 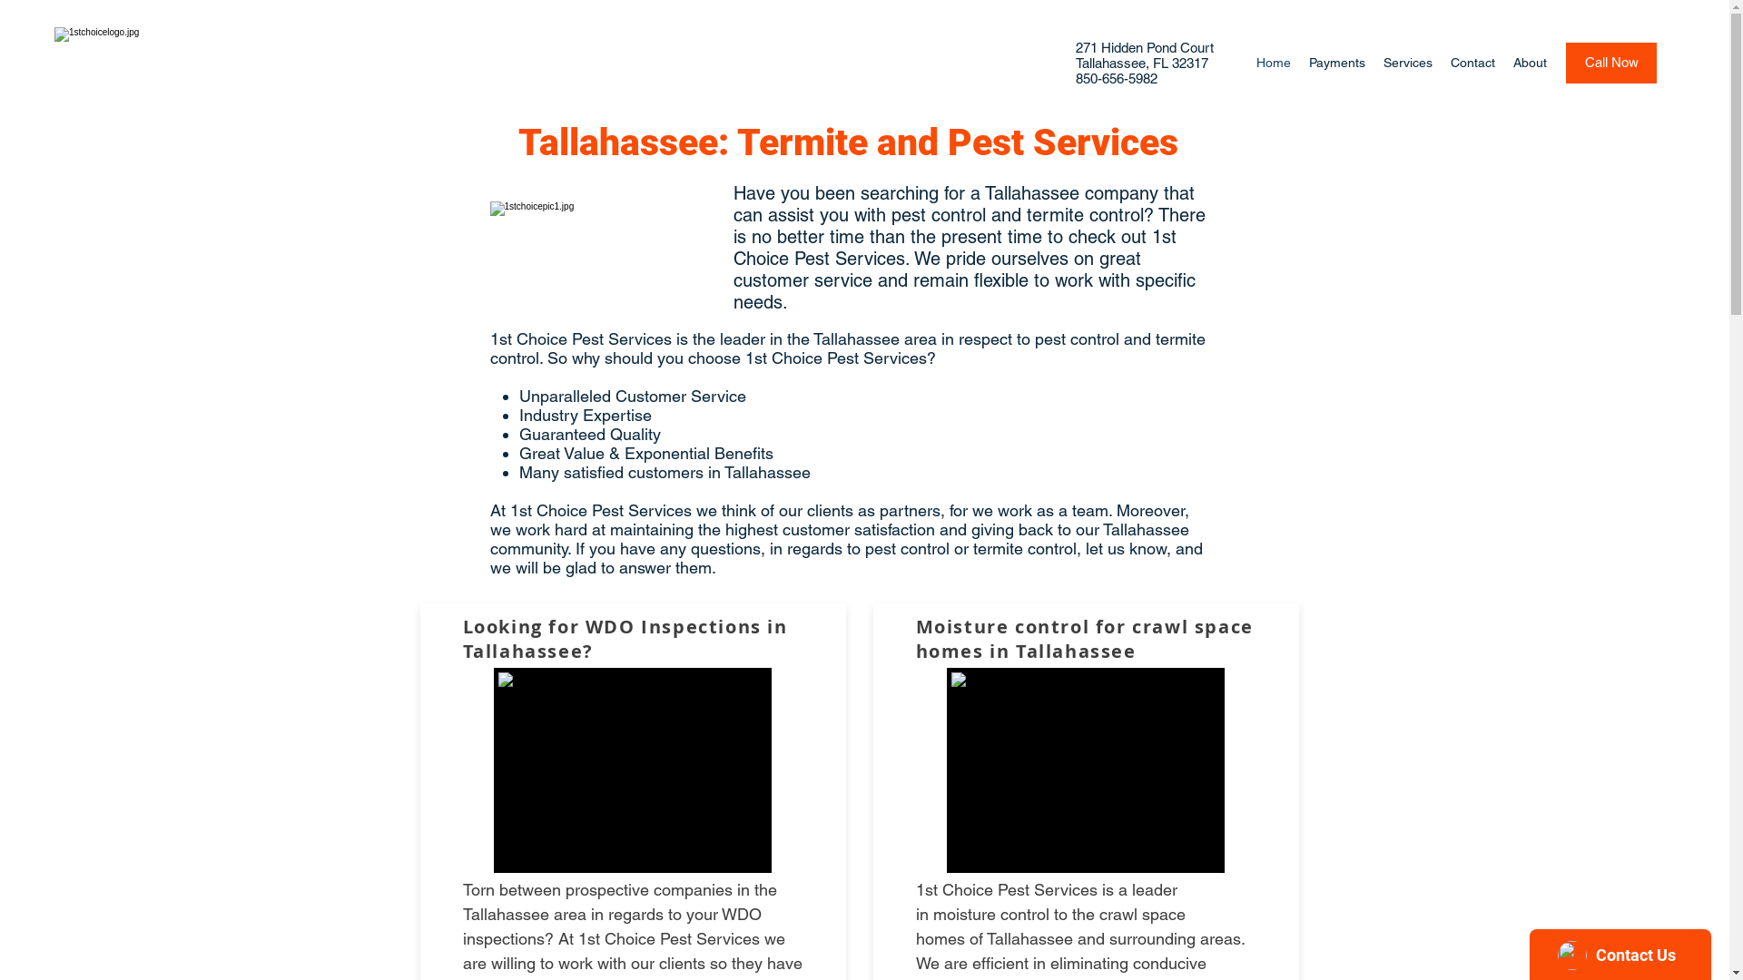 I want to click on 'Contact', so click(x=1472, y=62).